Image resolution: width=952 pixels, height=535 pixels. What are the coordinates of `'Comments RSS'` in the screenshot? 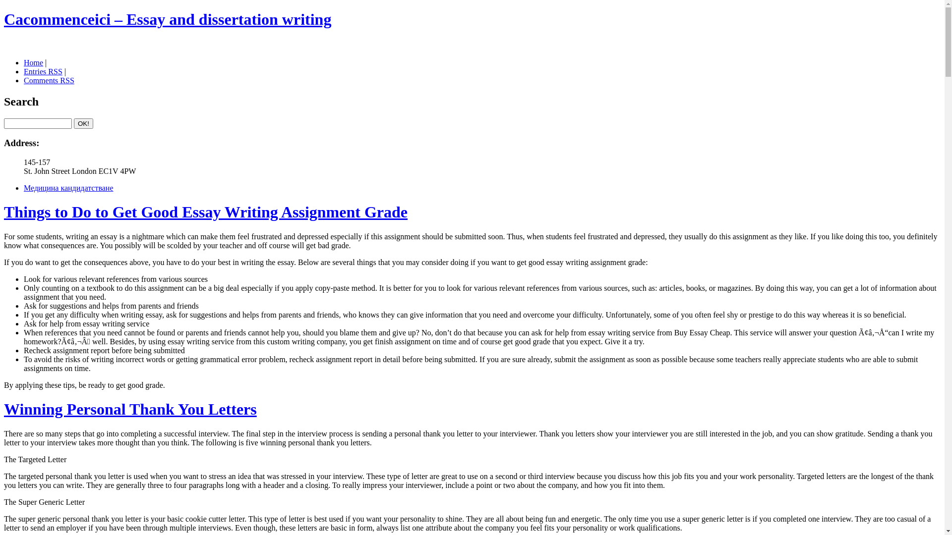 It's located at (49, 80).